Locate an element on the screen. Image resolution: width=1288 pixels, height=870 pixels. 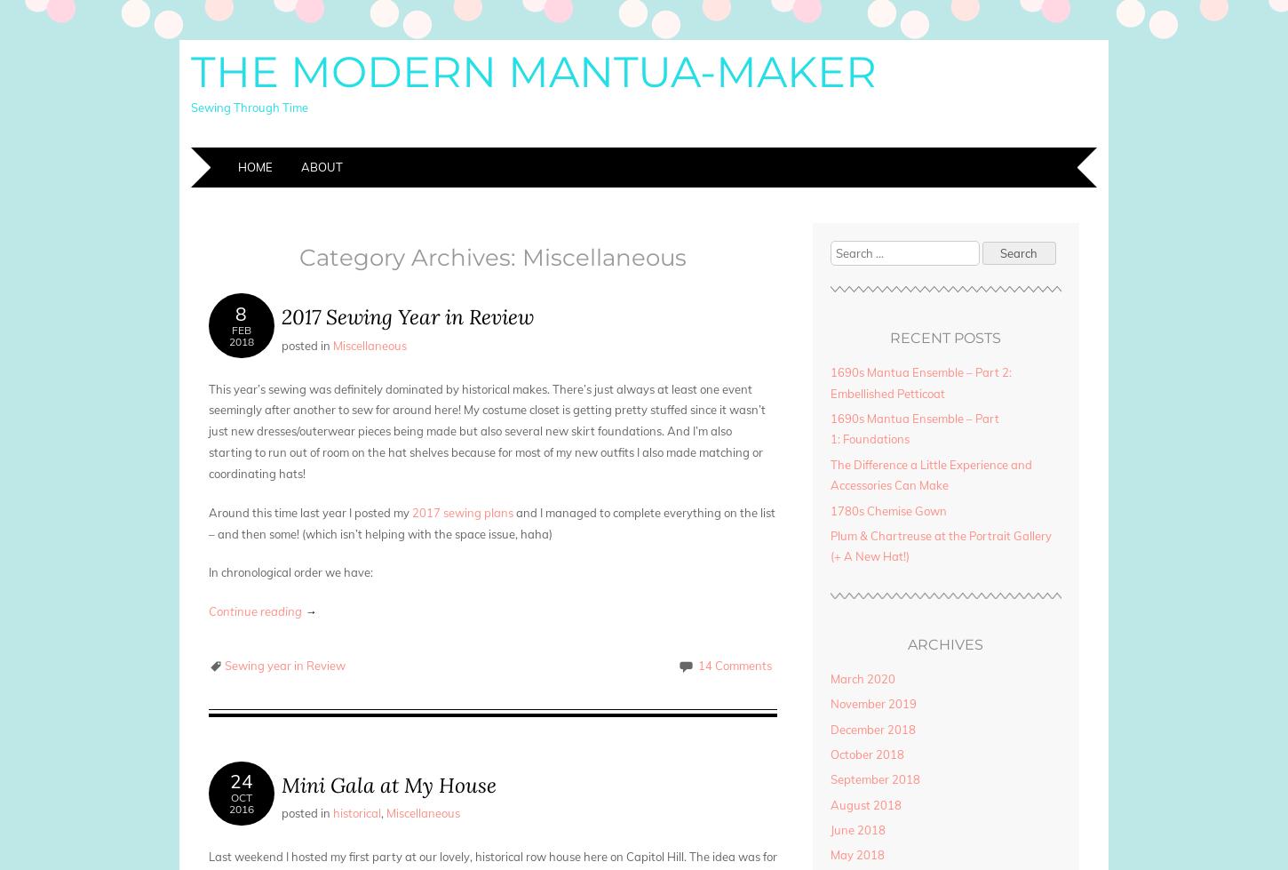
'Category Archives:' is located at coordinates (409, 257).